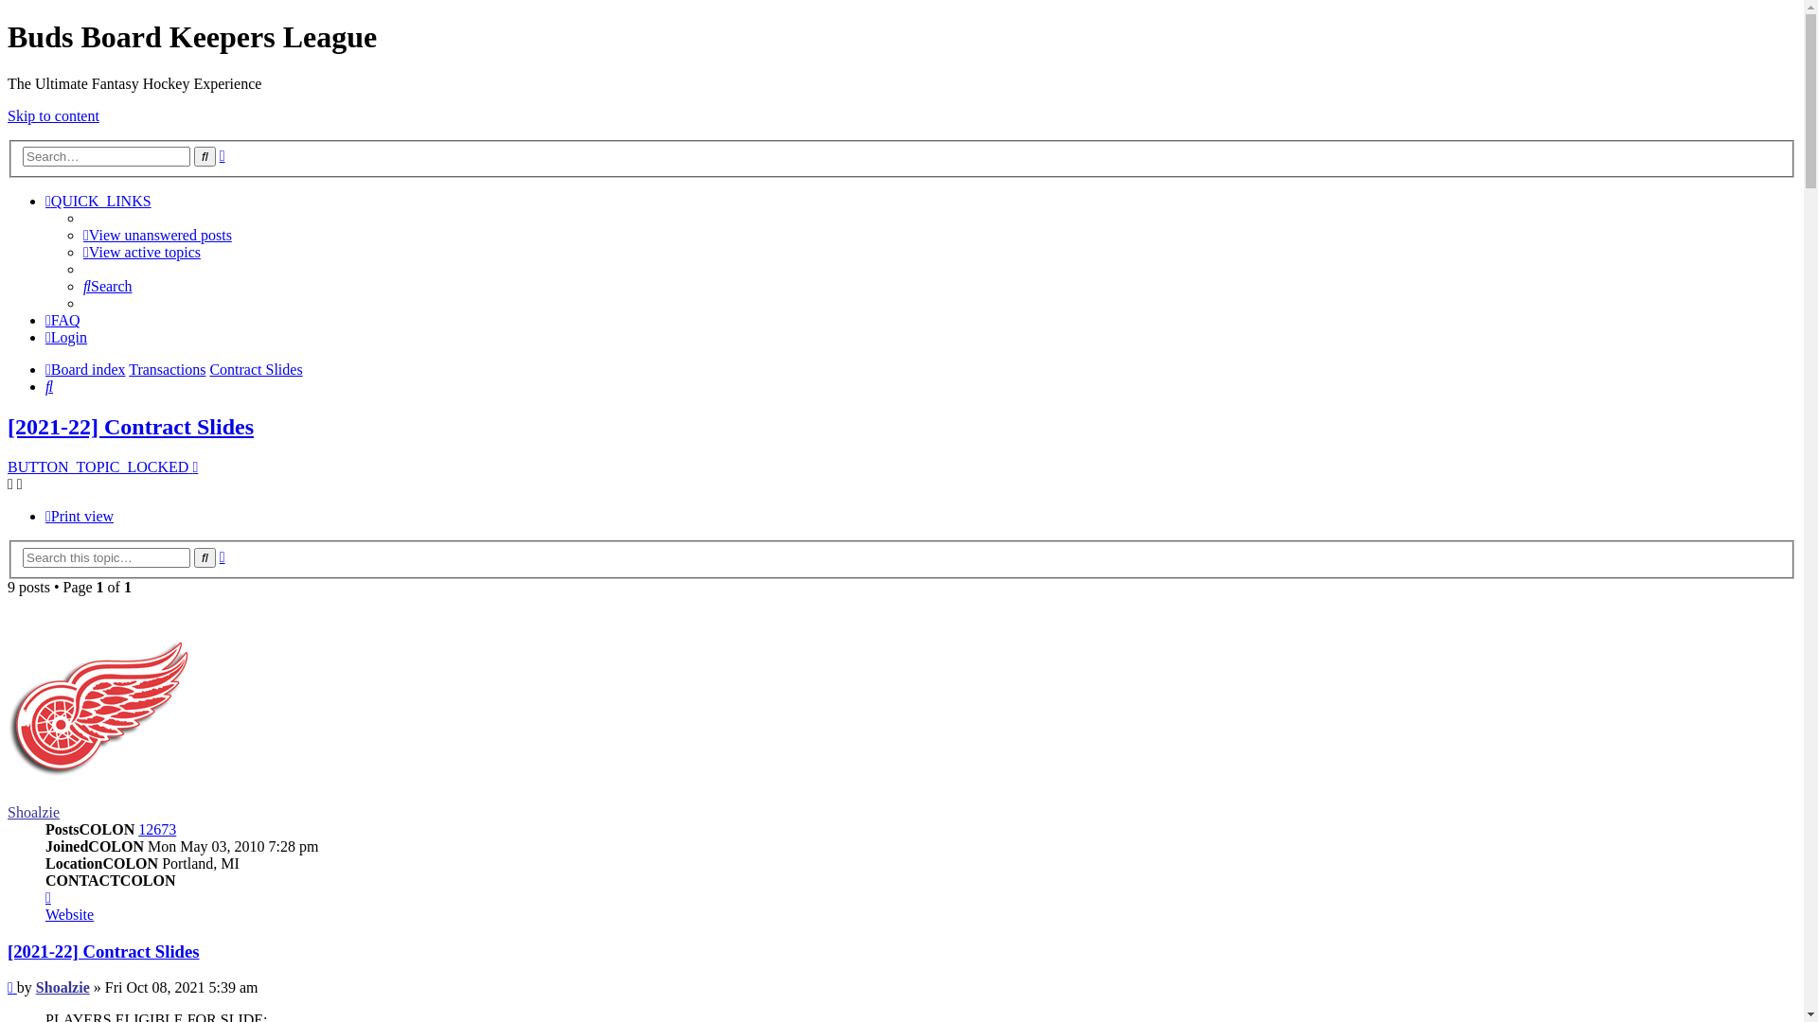 This screenshot has width=1818, height=1022. What do you see at coordinates (78, 516) in the screenshot?
I see `'Print view'` at bounding box center [78, 516].